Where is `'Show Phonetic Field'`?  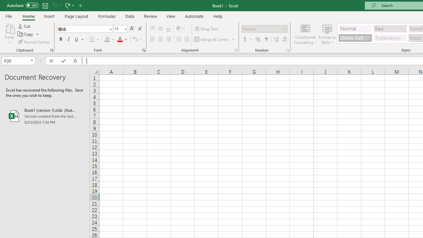 'Show Phonetic Field' is located at coordinates (135, 39).